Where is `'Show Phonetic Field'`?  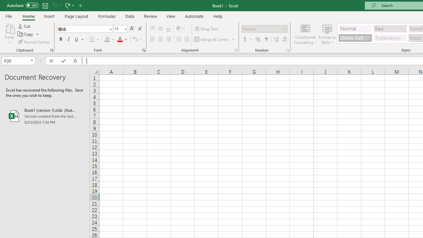 'Show Phonetic Field' is located at coordinates (135, 39).